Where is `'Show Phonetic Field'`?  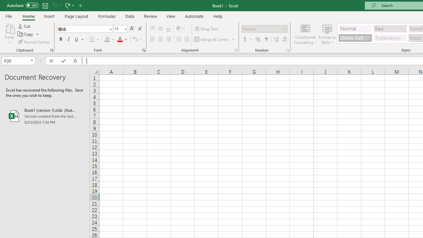 'Show Phonetic Field' is located at coordinates (135, 39).